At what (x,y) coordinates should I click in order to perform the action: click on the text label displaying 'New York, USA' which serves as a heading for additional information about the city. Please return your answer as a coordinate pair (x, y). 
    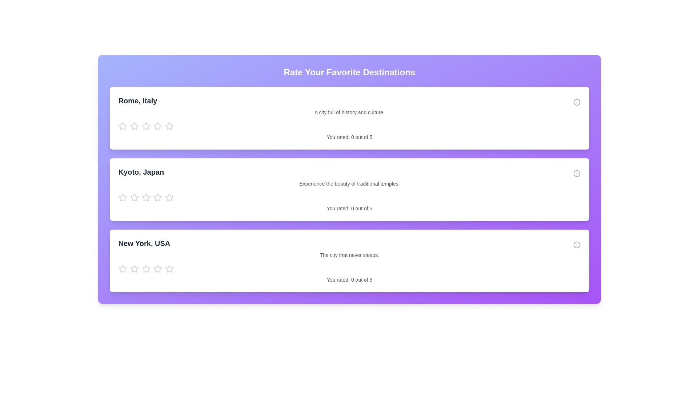
    Looking at the image, I should click on (144, 243).